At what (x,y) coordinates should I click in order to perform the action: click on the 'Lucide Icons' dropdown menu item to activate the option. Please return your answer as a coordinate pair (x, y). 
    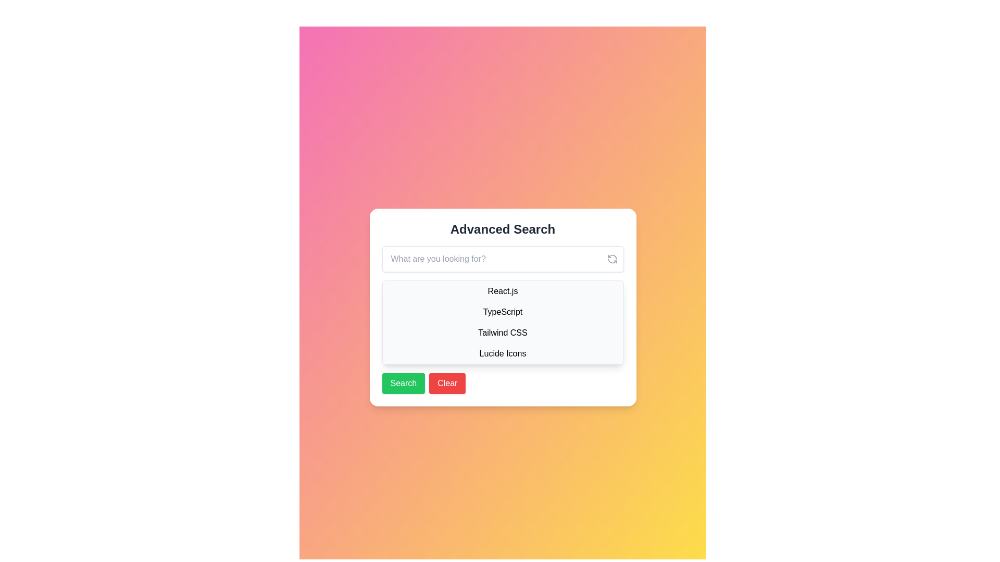
    Looking at the image, I should click on (503, 353).